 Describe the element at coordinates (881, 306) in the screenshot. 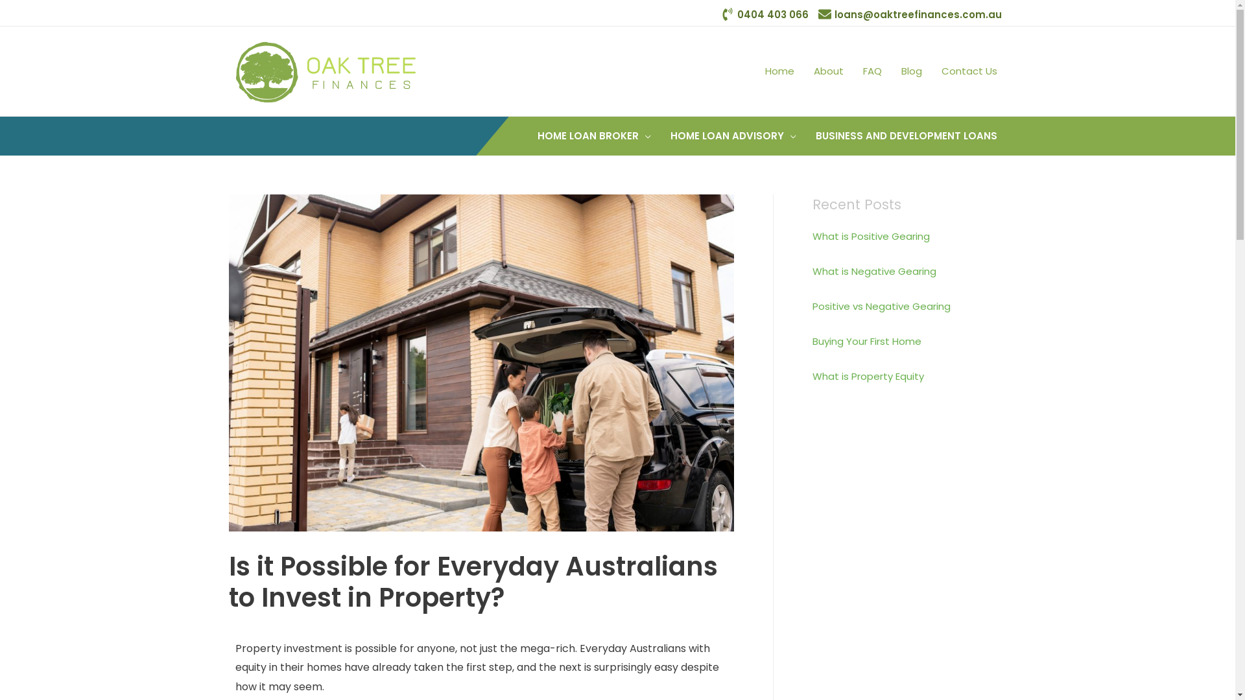

I see `'Positive vs Negative Gearing'` at that location.